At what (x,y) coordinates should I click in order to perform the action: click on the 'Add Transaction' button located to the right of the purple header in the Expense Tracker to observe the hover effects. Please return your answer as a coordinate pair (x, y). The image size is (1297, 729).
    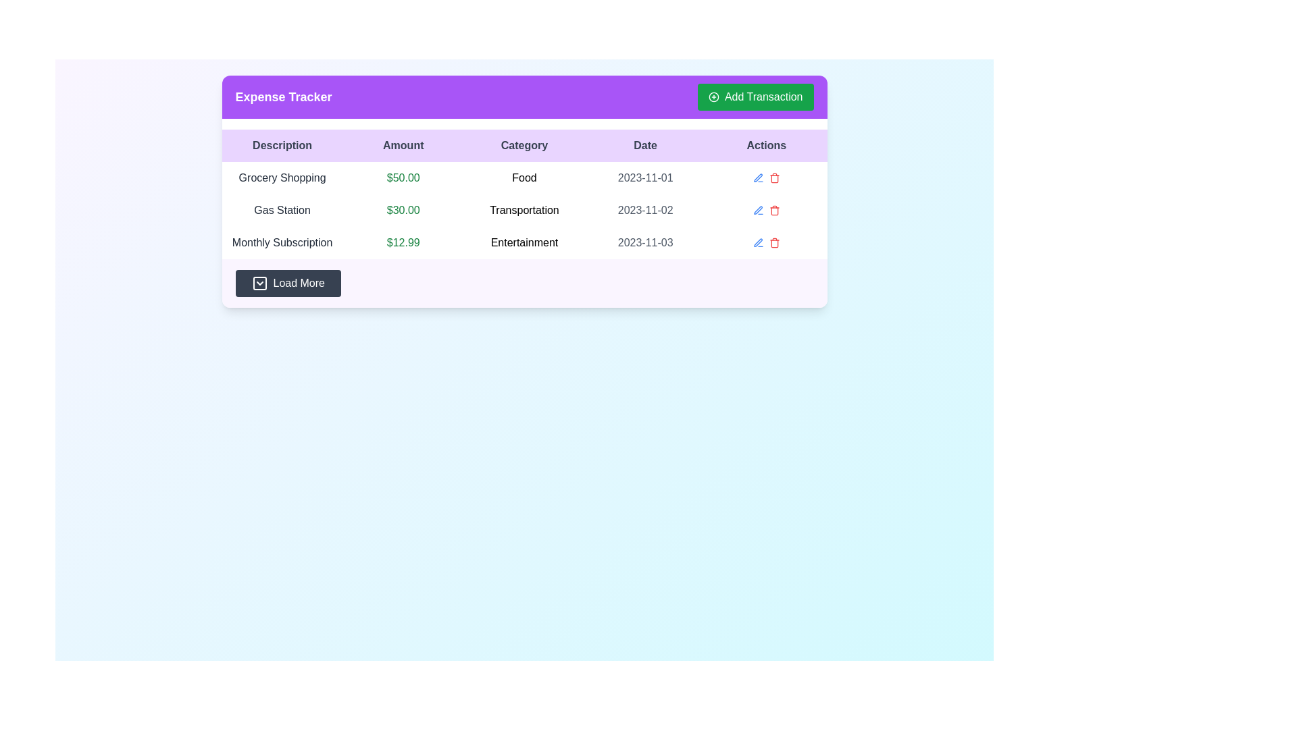
    Looking at the image, I should click on (755, 96).